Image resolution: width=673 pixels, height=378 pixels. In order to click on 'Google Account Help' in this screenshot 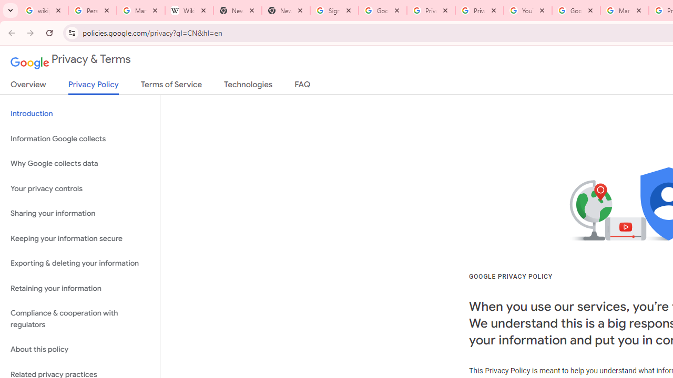, I will do `click(575, 10)`.